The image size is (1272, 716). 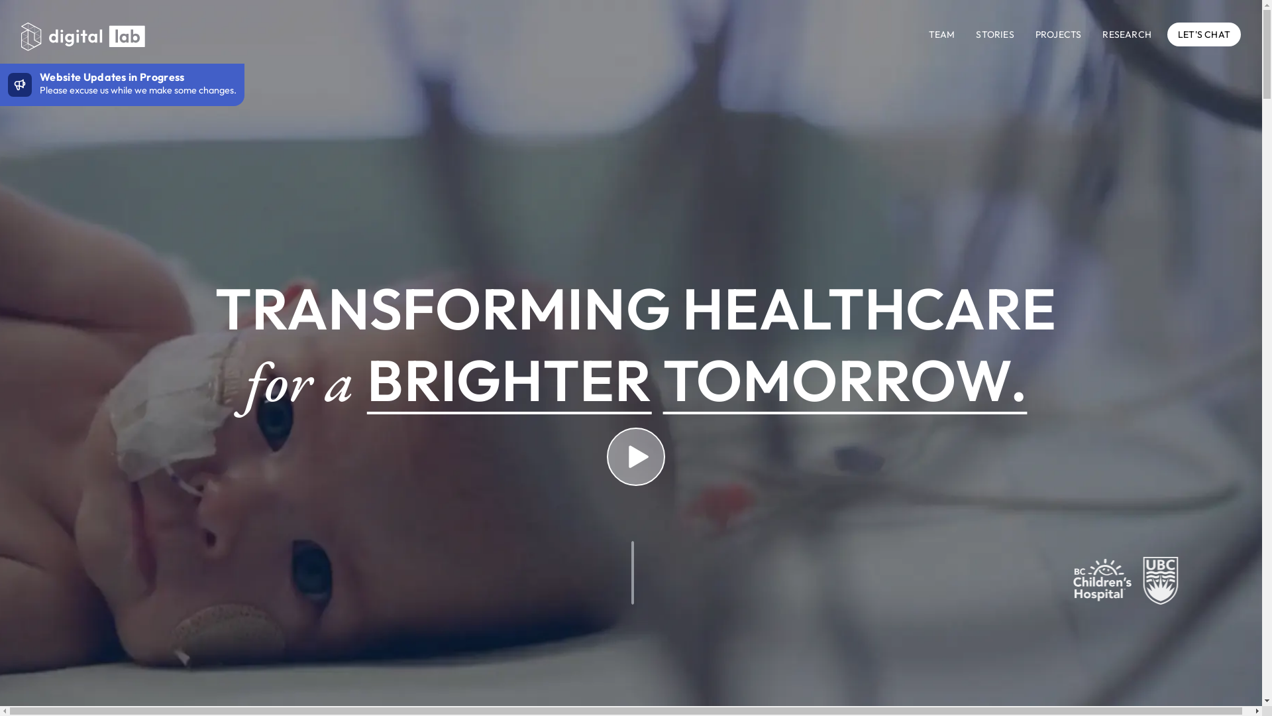 I want to click on 'STORIES', so click(x=994, y=33).